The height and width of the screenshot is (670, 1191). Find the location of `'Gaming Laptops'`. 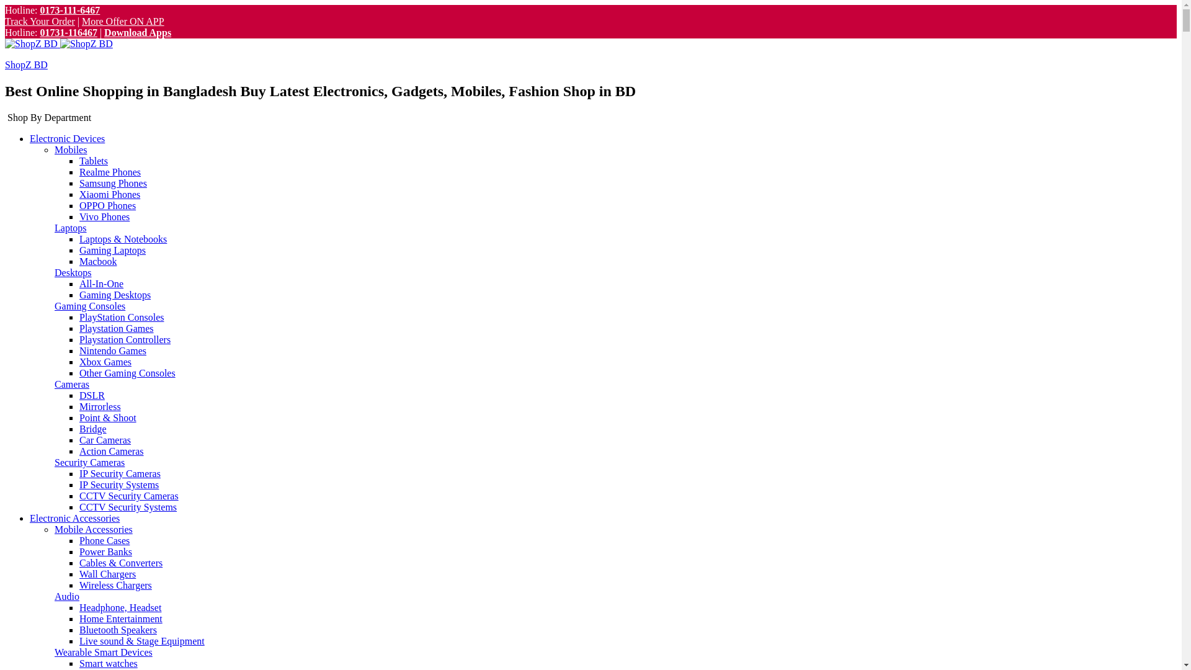

'Gaming Laptops' is located at coordinates (112, 250).